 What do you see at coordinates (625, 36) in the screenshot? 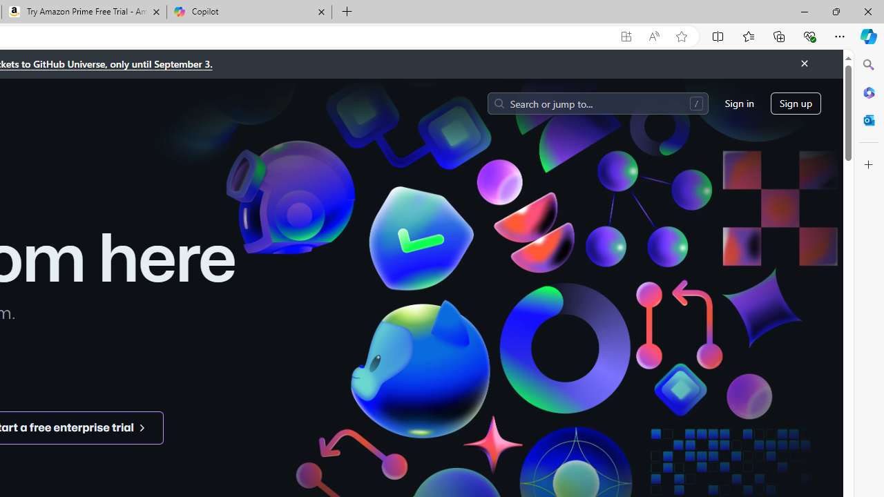
I see `'App available. Install GitHub'` at bounding box center [625, 36].